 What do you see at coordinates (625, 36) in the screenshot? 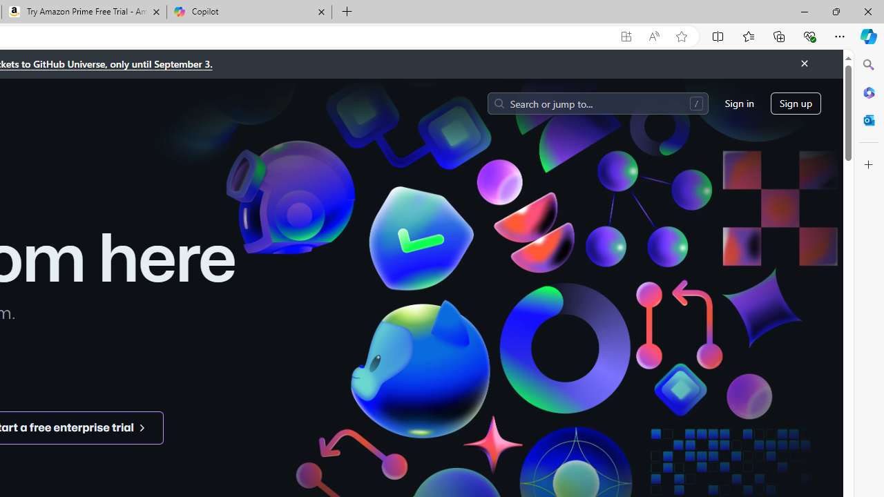
I see `'App available. Install GitHub'` at bounding box center [625, 36].